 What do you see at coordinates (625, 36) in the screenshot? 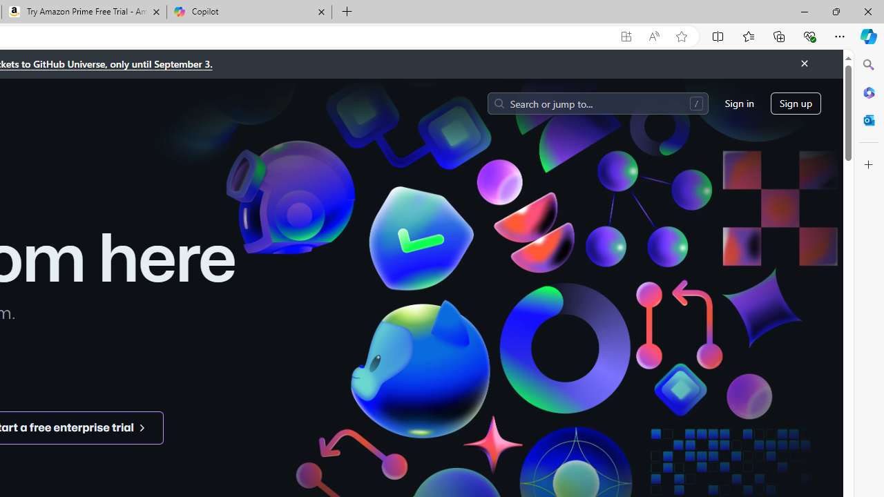
I see `'App available. Install GitHub'` at bounding box center [625, 36].